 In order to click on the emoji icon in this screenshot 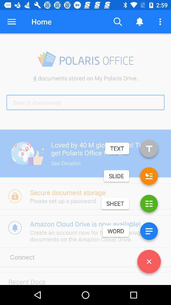, I will do `click(149, 177)`.